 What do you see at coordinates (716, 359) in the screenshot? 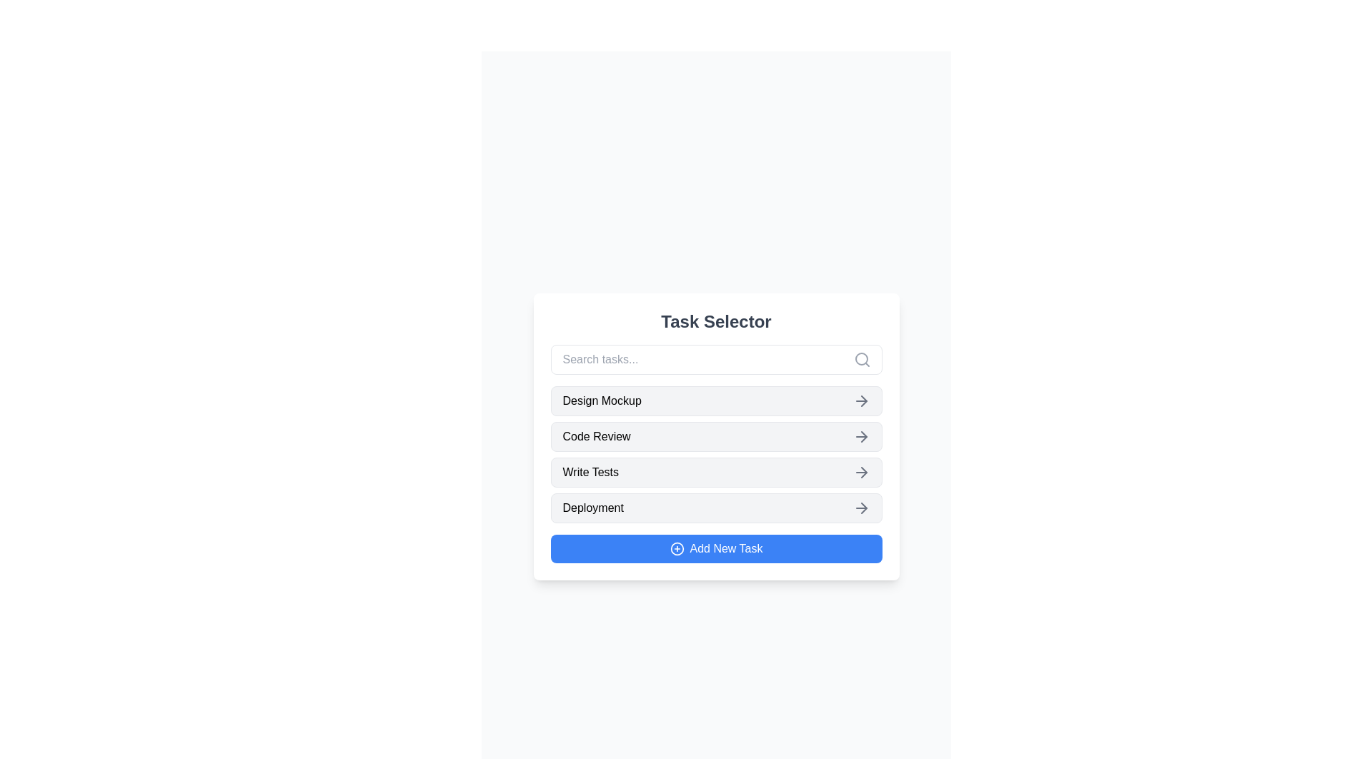
I see `all text in the text input field with the placeholder 'Search tasks...' in the 'Task Selector' modal and press delete to clear it` at bounding box center [716, 359].